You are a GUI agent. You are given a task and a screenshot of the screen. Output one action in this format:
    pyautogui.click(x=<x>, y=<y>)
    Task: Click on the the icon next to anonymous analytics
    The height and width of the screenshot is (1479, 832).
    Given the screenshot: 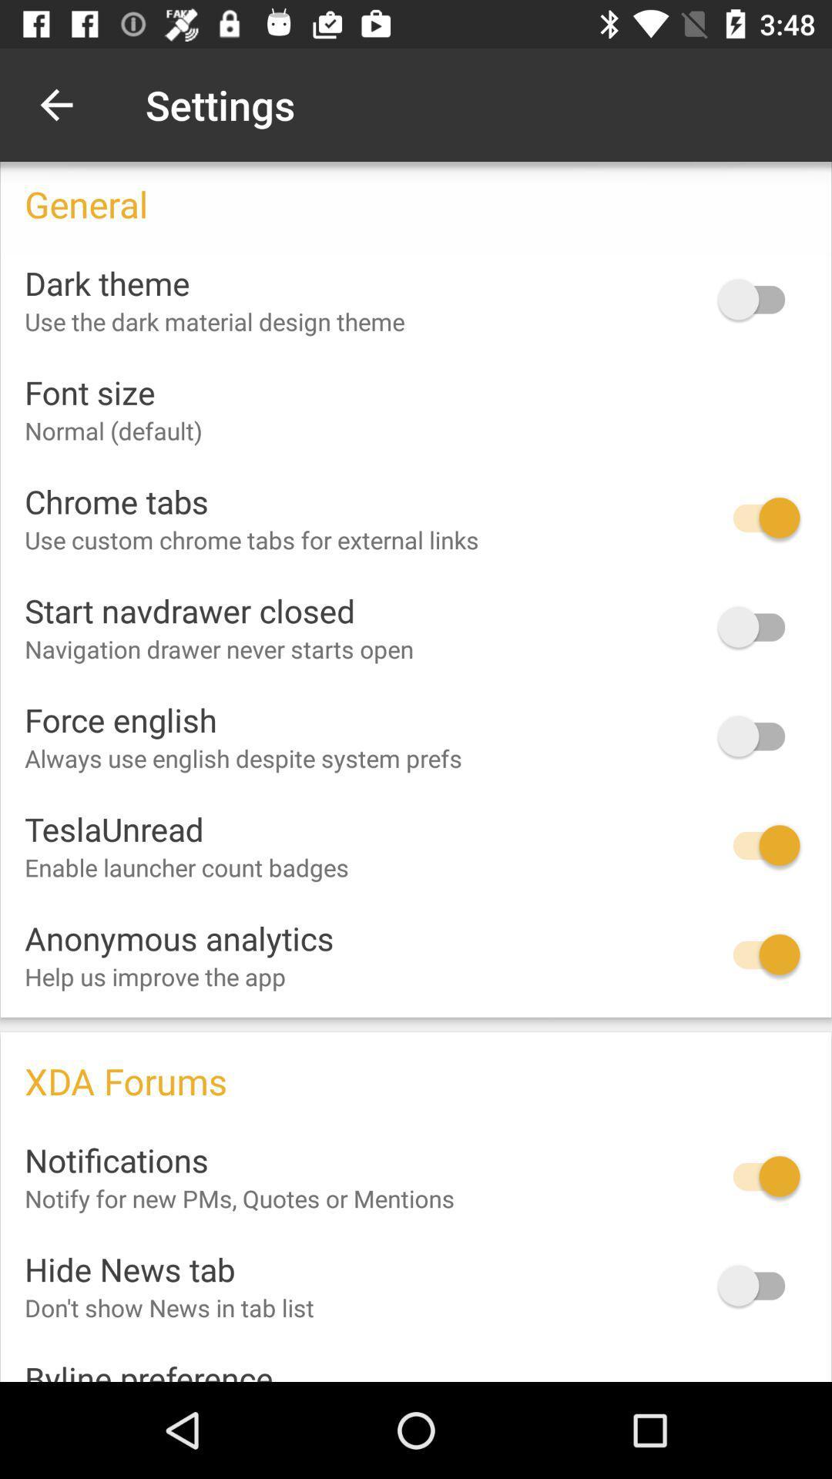 What is the action you would take?
    pyautogui.click(x=758, y=954)
    